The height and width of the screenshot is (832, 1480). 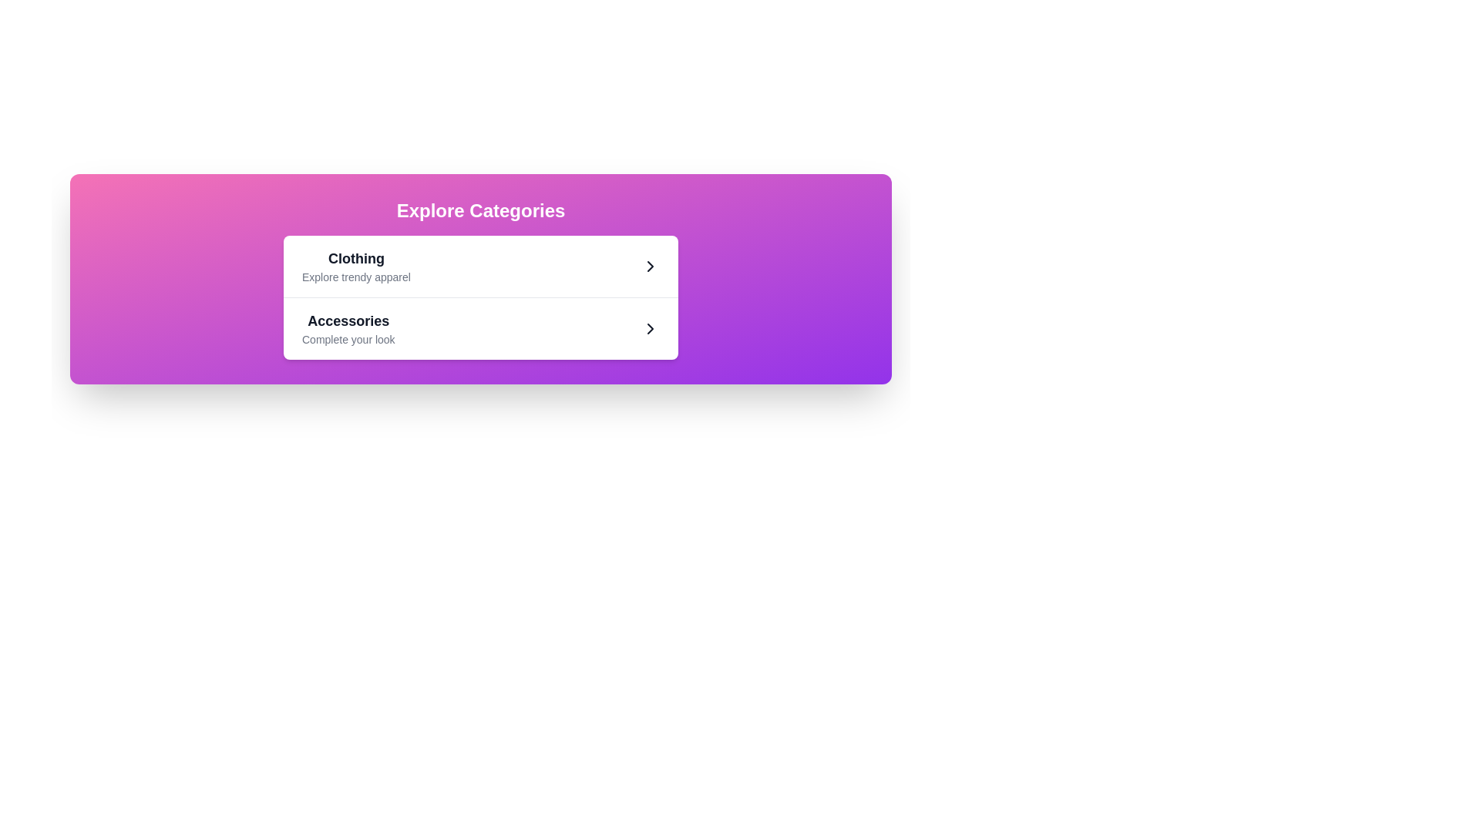 What do you see at coordinates (480, 327) in the screenshot?
I see `the second list item in the 'Explore Categories' section, which serves as a navigation option for the 'Accessories' category` at bounding box center [480, 327].